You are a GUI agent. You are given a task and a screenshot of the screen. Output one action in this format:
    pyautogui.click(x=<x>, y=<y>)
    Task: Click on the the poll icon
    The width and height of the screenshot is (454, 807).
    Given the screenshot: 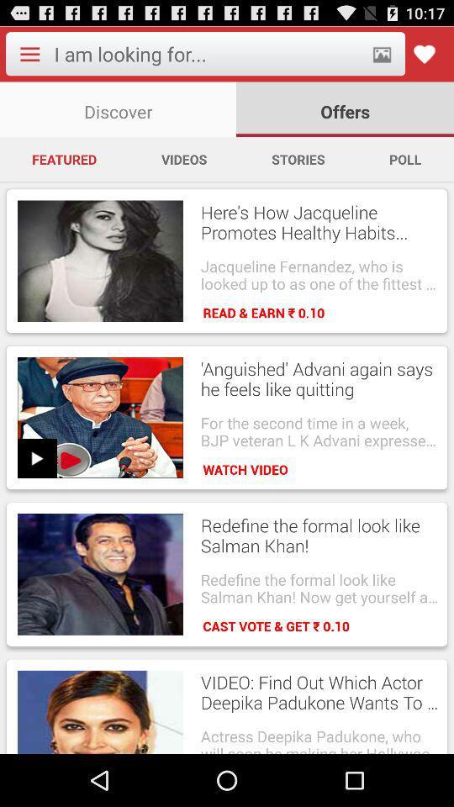 What is the action you would take?
    pyautogui.click(x=404, y=159)
    